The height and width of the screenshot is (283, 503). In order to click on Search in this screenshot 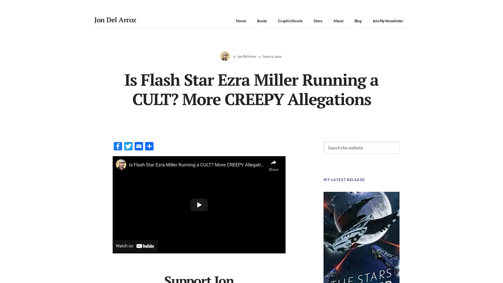, I will do `click(399, 141)`.